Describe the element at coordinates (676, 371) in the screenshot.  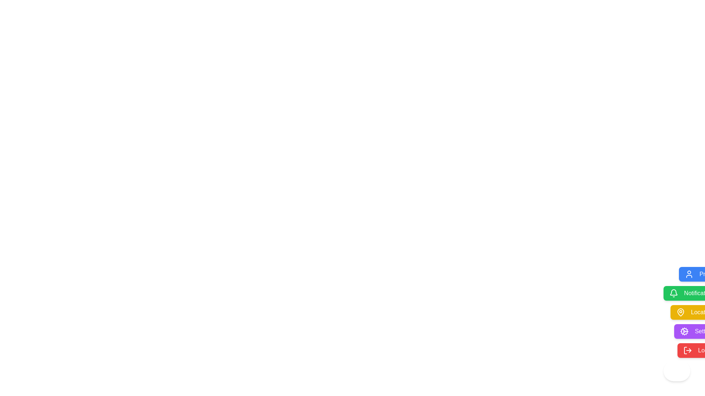
I see `the circular close button located at the far right-bottom corner of the interface to receive visual feedback` at that location.